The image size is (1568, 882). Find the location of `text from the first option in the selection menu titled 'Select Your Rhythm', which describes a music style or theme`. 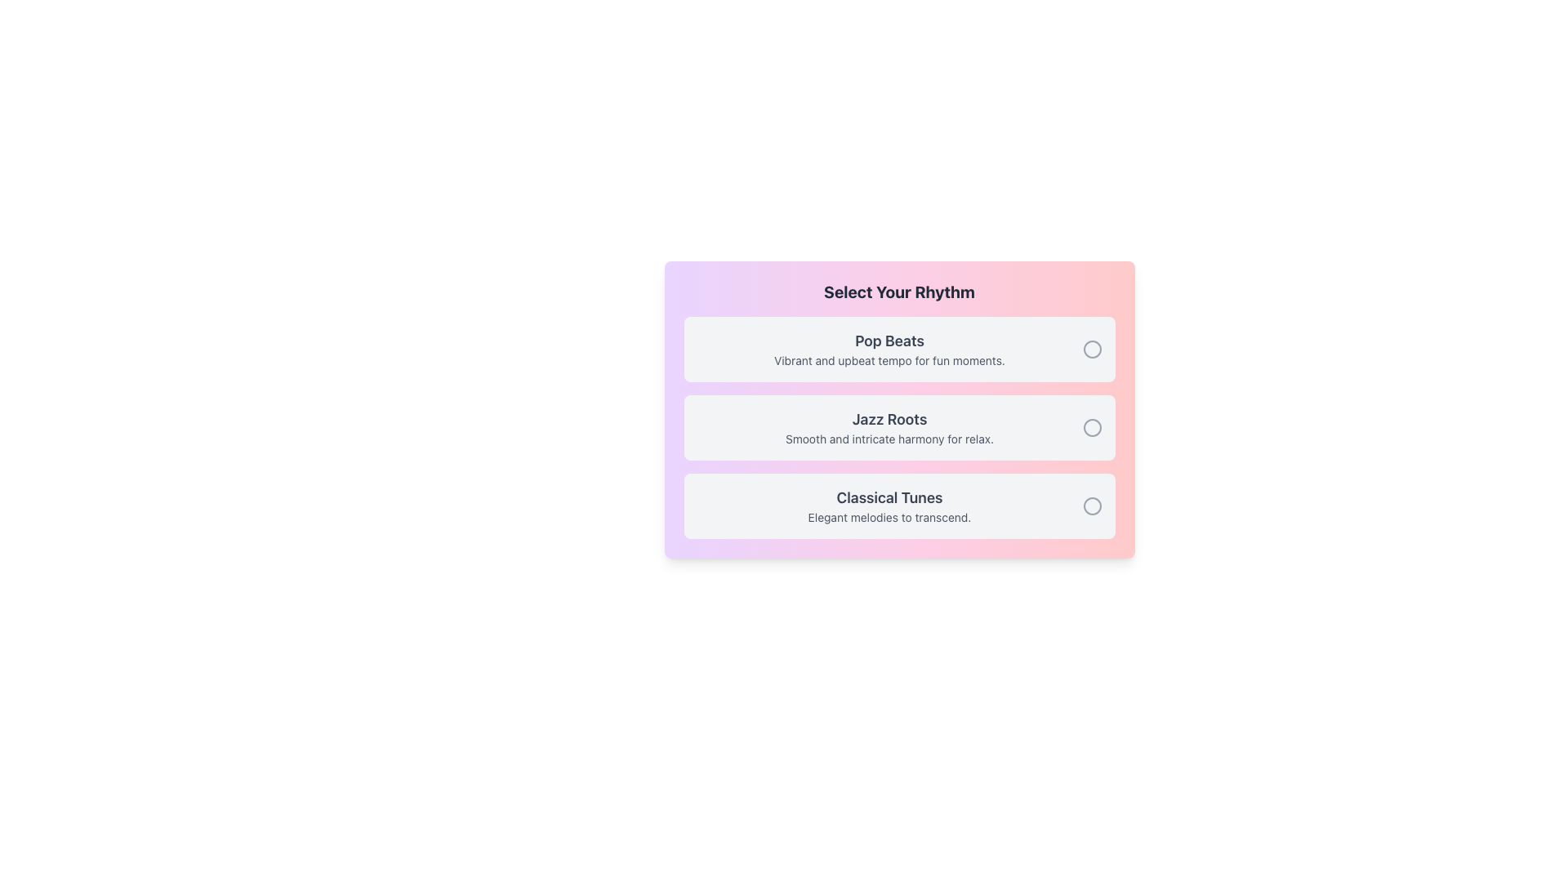

text from the first option in the selection menu titled 'Select Your Rhythm', which describes a music style or theme is located at coordinates (889, 349).